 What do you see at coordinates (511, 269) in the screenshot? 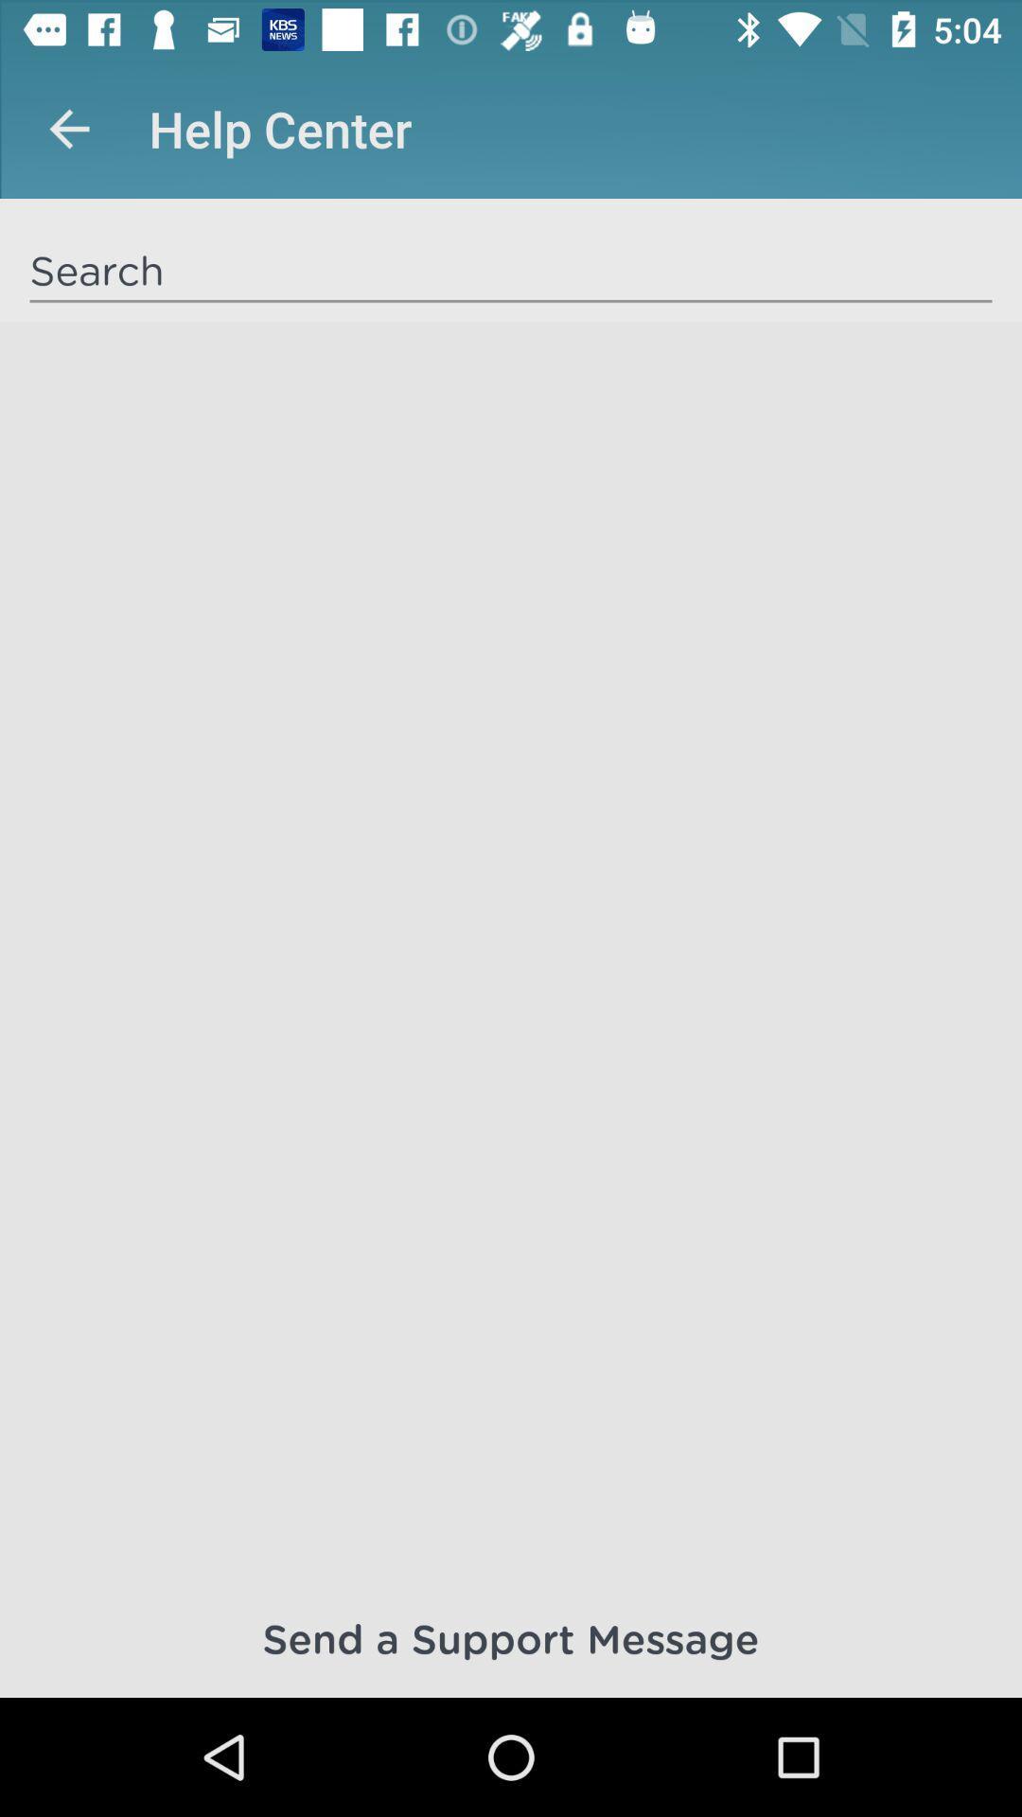
I see `icon at the top` at bounding box center [511, 269].